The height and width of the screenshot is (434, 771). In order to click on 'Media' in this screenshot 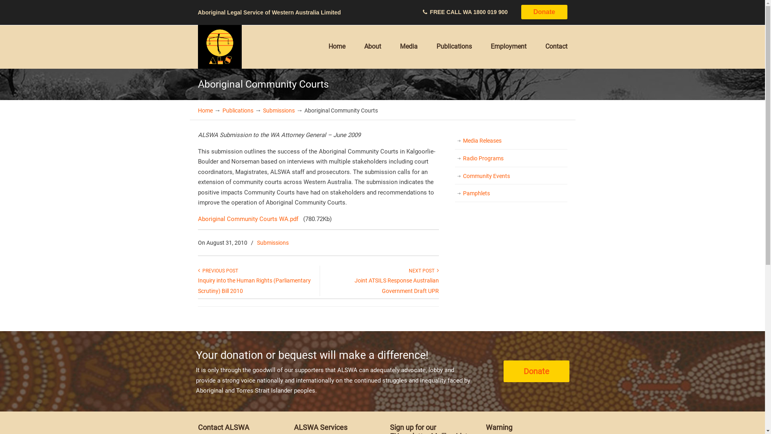, I will do `click(408, 46)`.